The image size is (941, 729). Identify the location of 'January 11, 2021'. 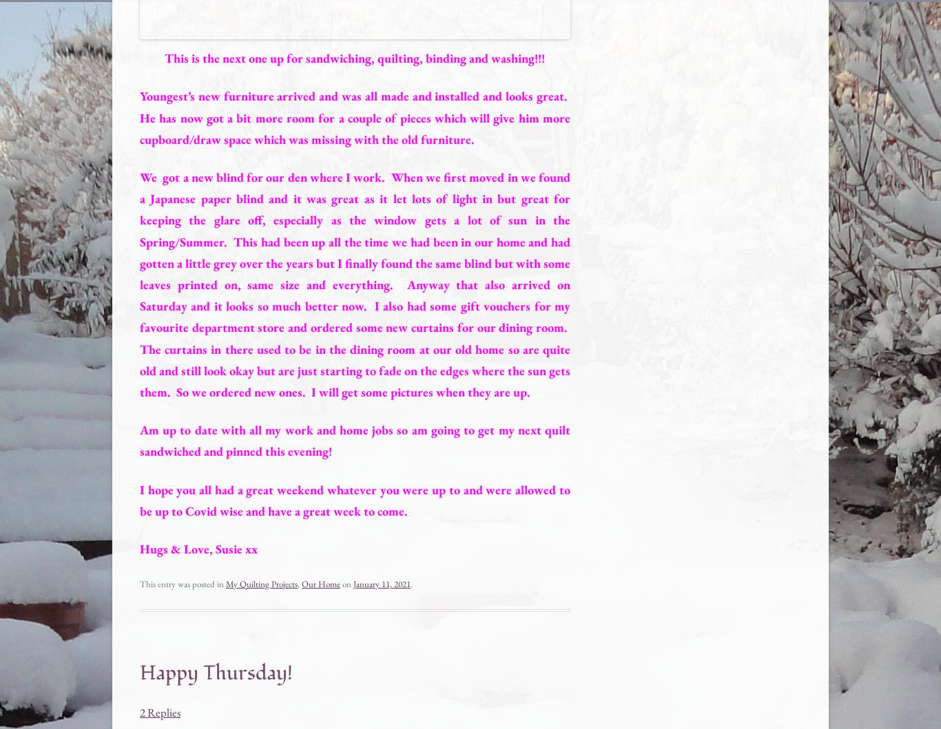
(382, 584).